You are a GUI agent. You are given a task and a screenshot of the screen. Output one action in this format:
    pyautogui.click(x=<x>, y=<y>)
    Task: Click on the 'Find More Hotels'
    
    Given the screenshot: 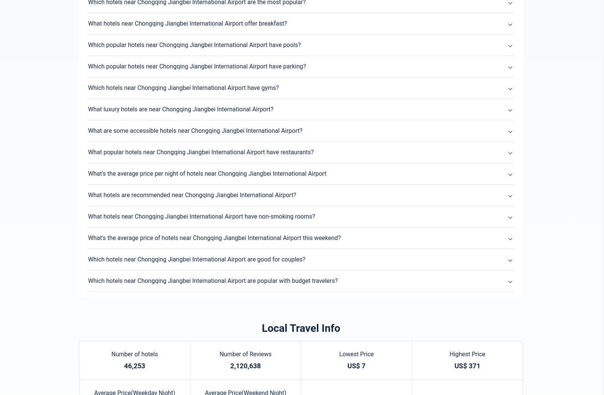 What is the action you would take?
    pyautogui.click(x=300, y=236)
    